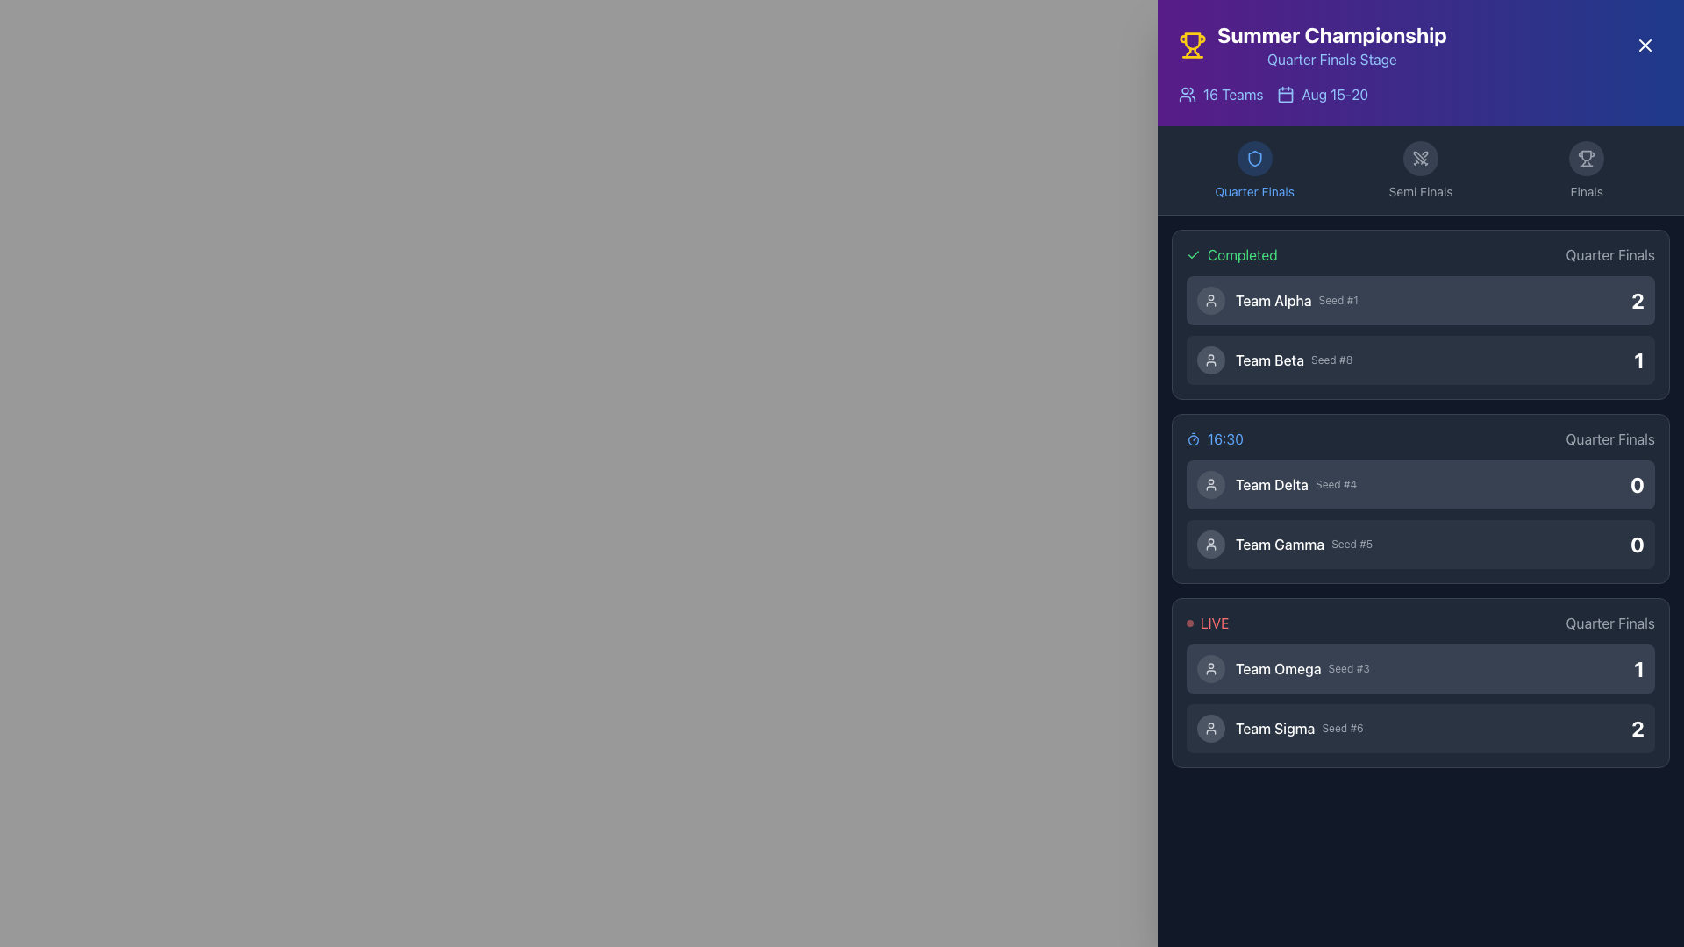  I want to click on text displayed on the label representing team 'Gamma' assigned as 'Seed #5' in the Quarter Finals bracket, located on the right-side pane beneath 'Team Delta Seed #4' and above 'LIVE', so click(1285, 544).